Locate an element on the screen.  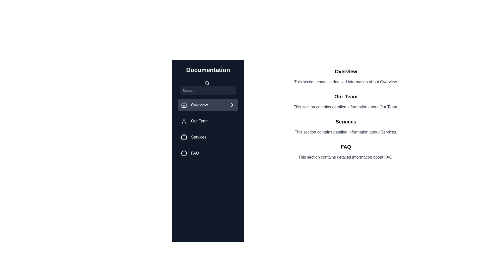
the house icon in the Overview menu item is located at coordinates (184, 105).